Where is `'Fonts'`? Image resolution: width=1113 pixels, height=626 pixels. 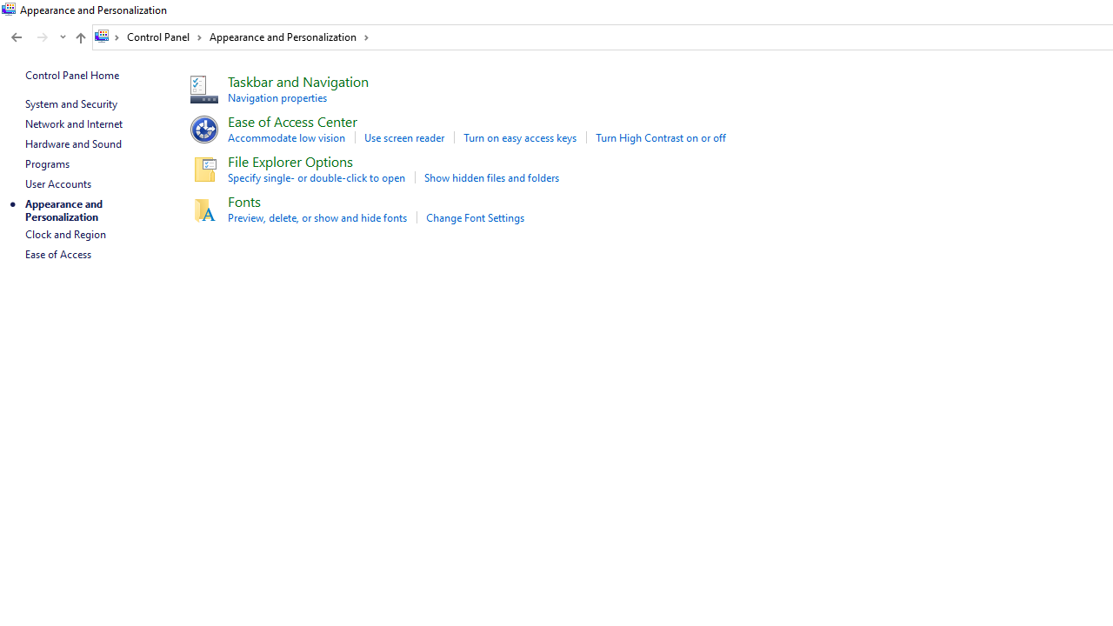 'Fonts' is located at coordinates (243, 200).